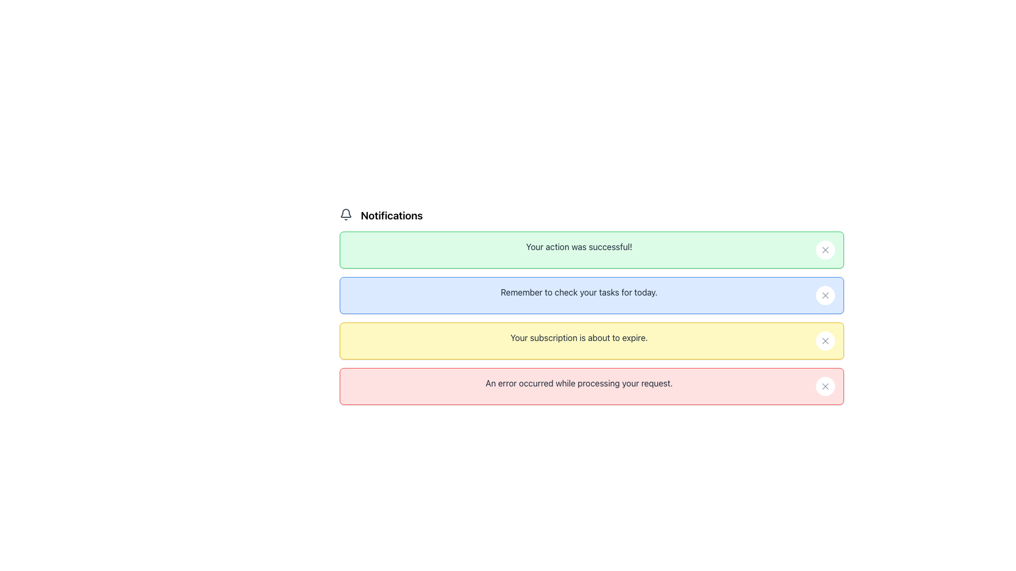 The image size is (1016, 571). I want to click on the static text element that displays a user notification message about an upcoming subscription expiration, which is located at the center of the third notification card in a vertical list, so click(578, 338).